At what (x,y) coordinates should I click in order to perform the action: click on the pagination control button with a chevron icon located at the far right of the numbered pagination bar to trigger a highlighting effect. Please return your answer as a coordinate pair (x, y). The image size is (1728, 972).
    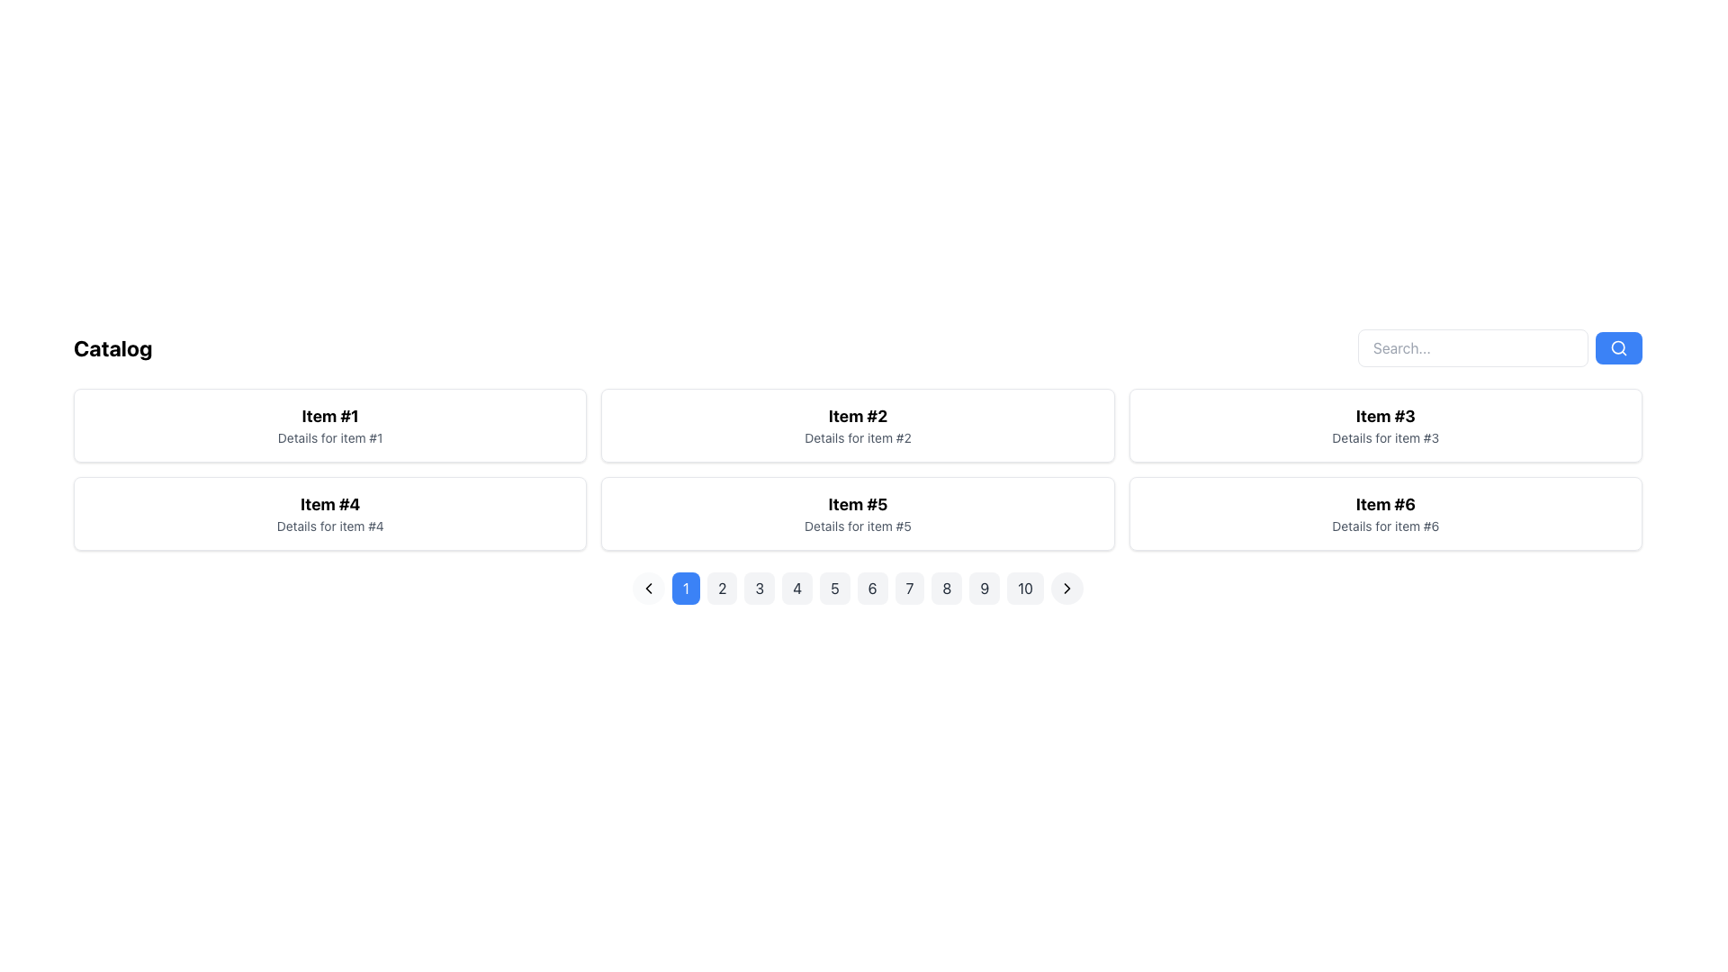
    Looking at the image, I should click on (1066, 589).